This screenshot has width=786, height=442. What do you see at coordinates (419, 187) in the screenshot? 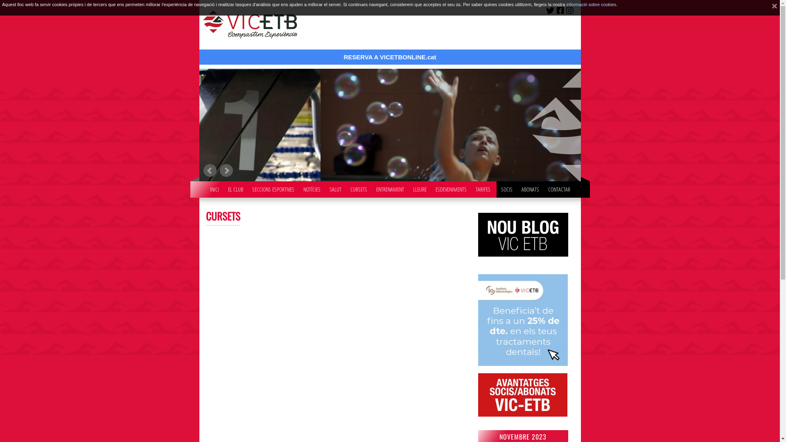
I see `'LLEURE'` at bounding box center [419, 187].